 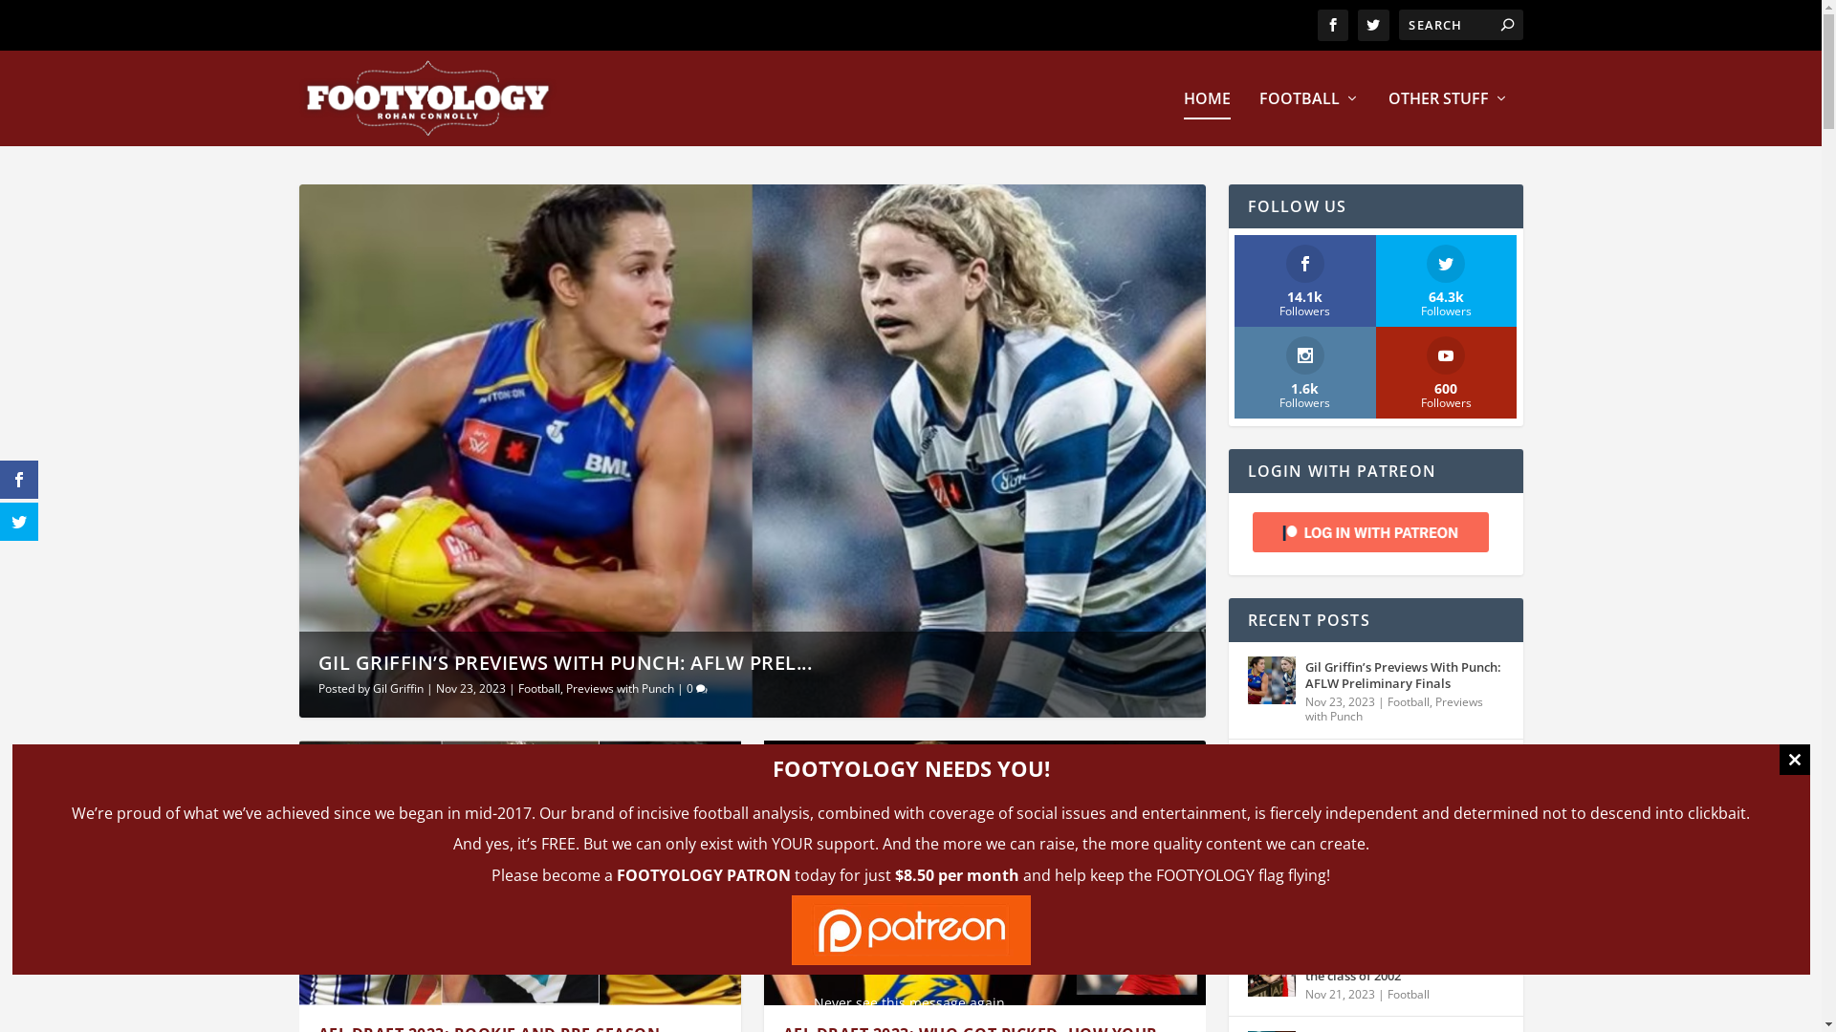 I want to click on '0', so click(x=696, y=688).